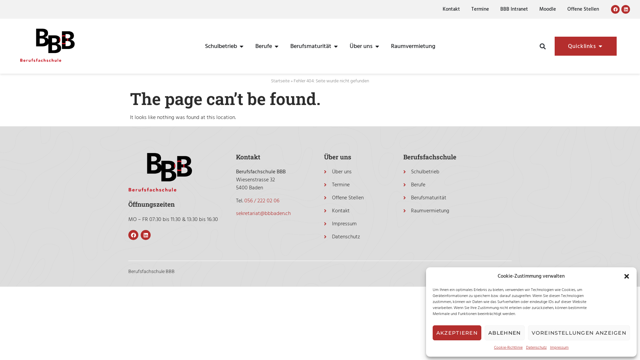 The width and height of the screenshot is (640, 360). What do you see at coordinates (324, 224) in the screenshot?
I see `'Impressum'` at bounding box center [324, 224].